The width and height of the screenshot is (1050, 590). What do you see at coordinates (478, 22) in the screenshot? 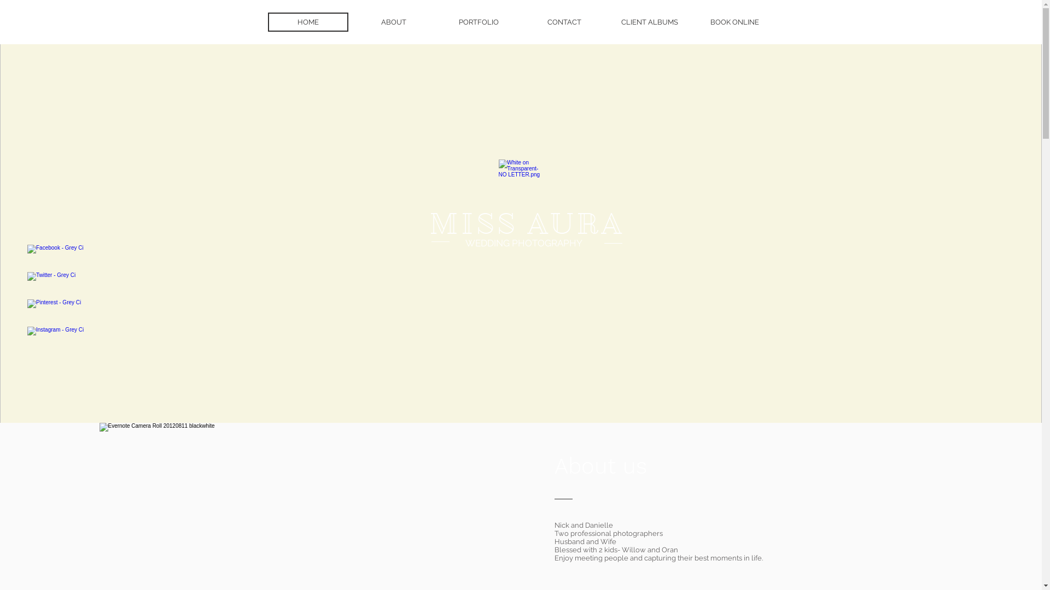
I see `'PORTFOLIO'` at bounding box center [478, 22].